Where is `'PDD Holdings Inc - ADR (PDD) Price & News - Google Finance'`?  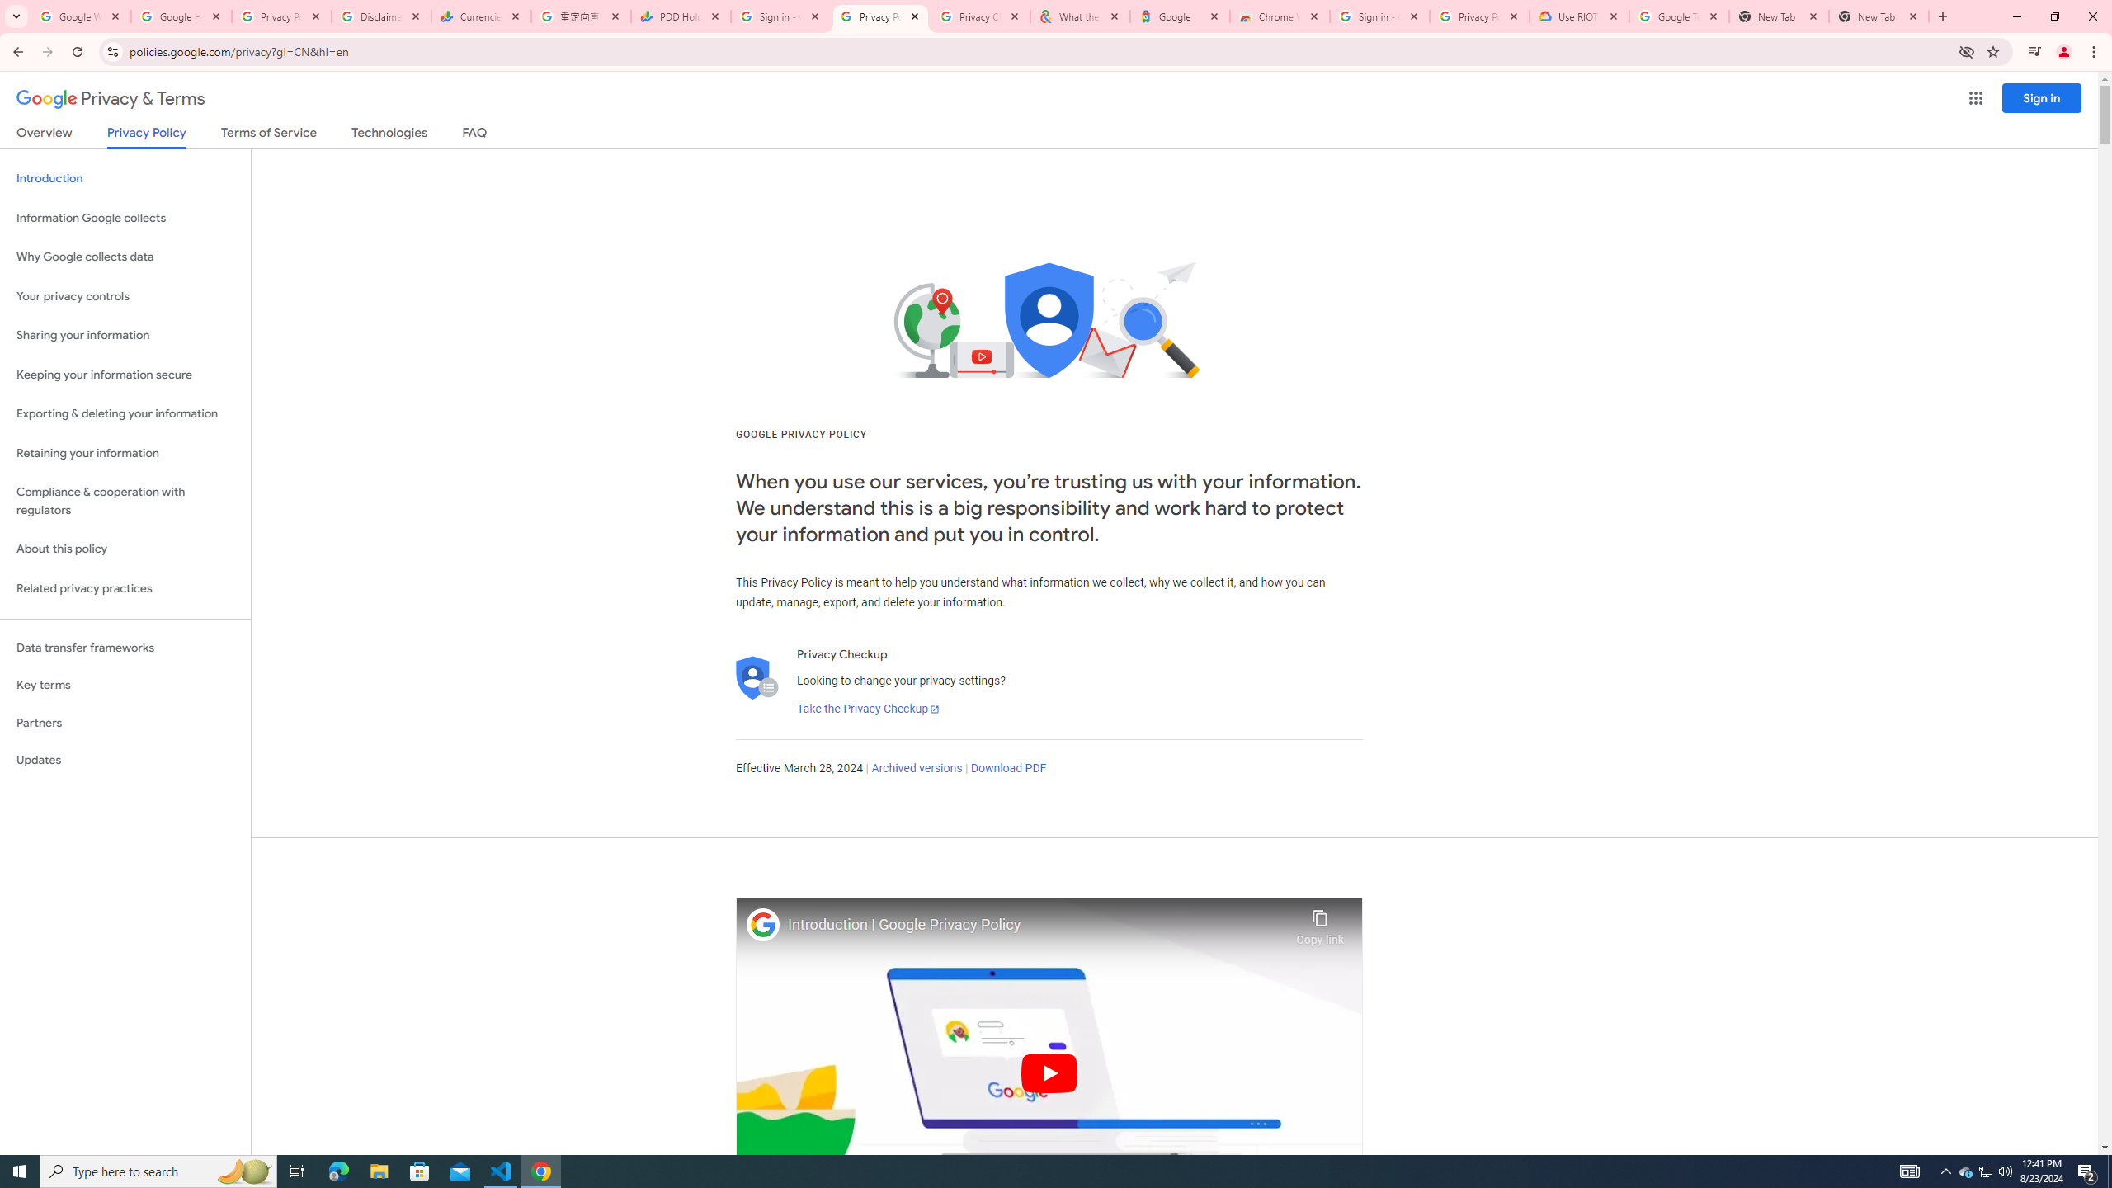 'PDD Holdings Inc - ADR (PDD) Price & News - Google Finance' is located at coordinates (680, 16).